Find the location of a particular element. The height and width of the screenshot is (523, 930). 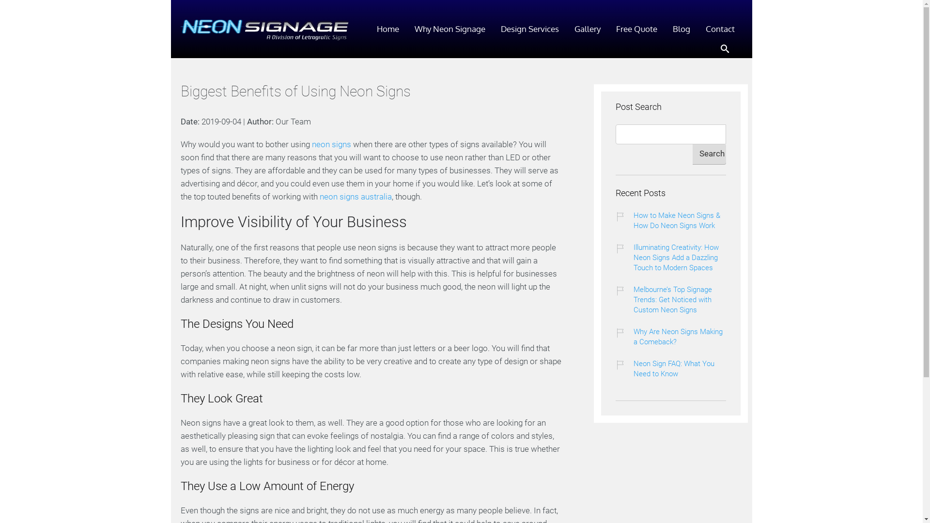

'Search' is located at coordinates (709, 154).